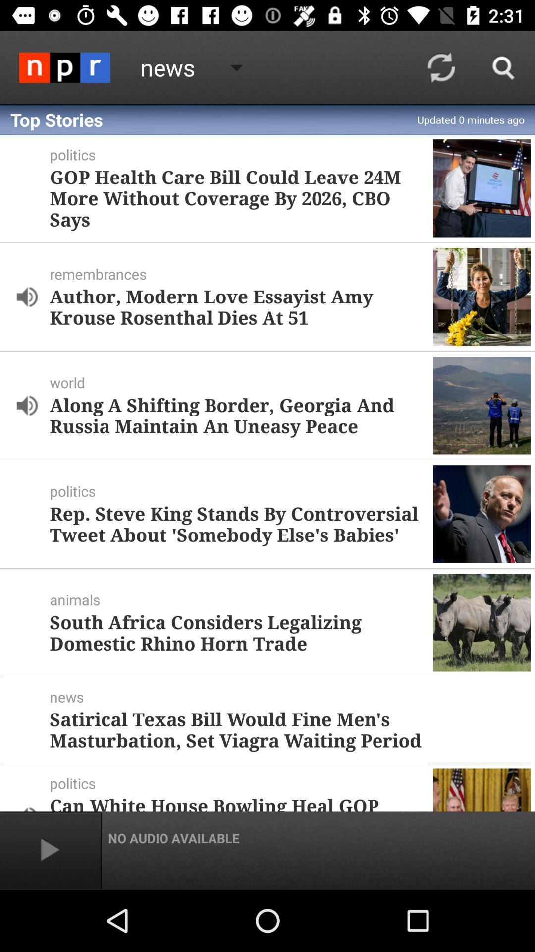 This screenshot has width=535, height=952. I want to click on the image beside news, so click(65, 67).